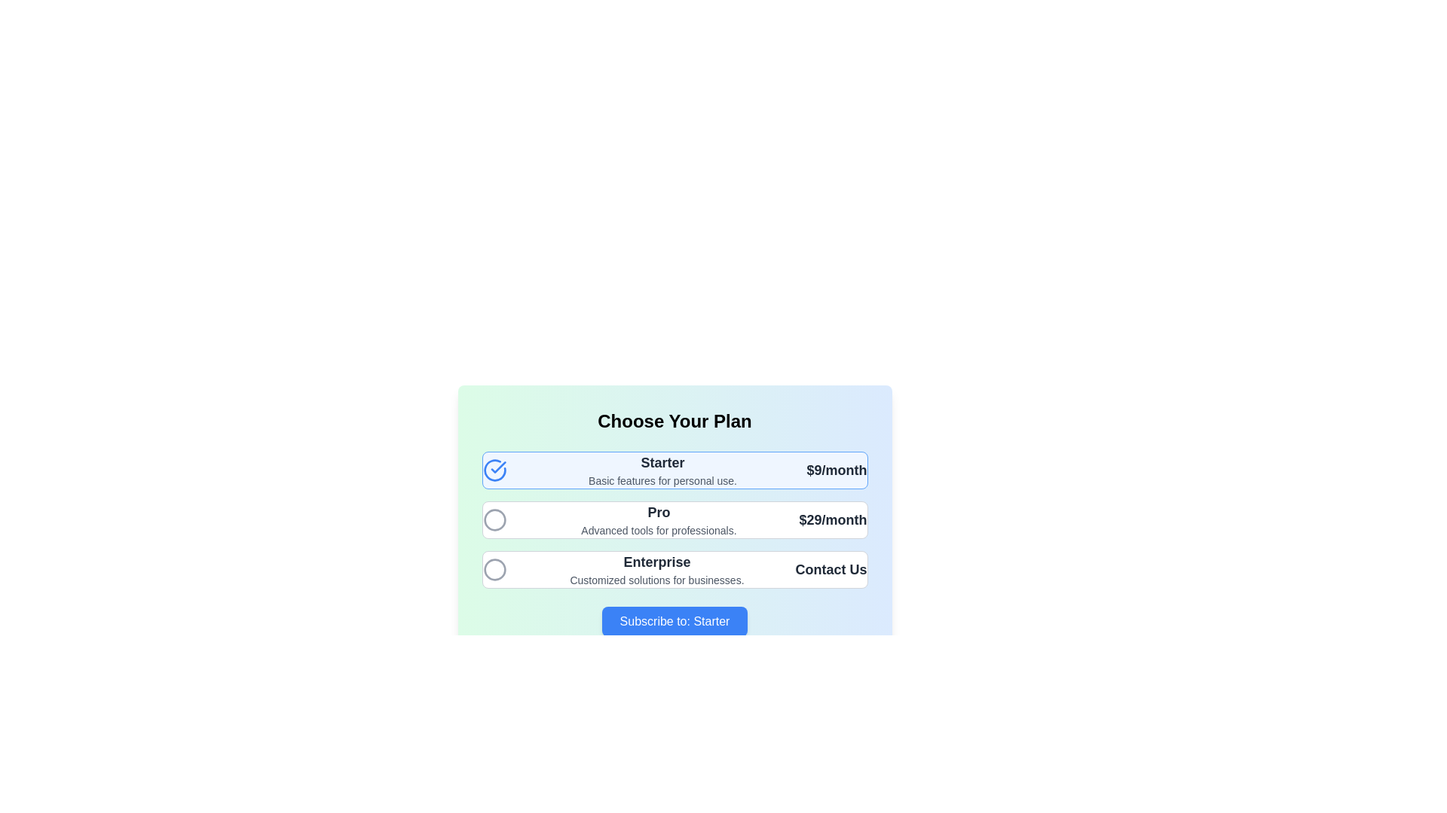 The image size is (1447, 813). Describe the element at coordinates (832, 519) in the screenshot. I see `the text label indicating the cost of the 'Pro' subscription plan located in the top-right corner of the pricing panel` at that location.